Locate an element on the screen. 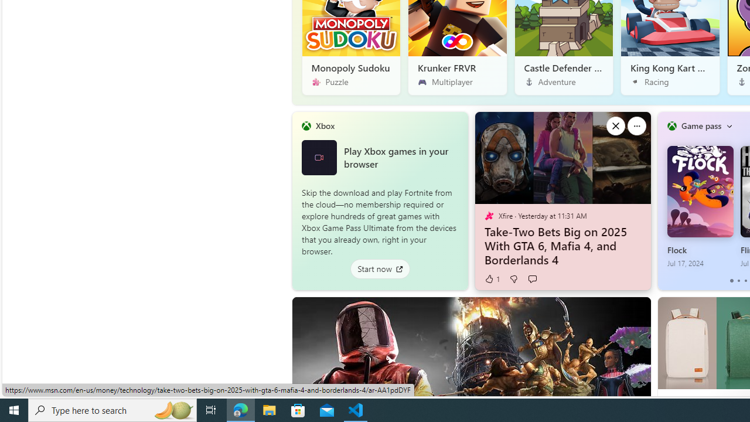 Image resolution: width=750 pixels, height=422 pixels. 'Xbox' is located at coordinates (325, 125).